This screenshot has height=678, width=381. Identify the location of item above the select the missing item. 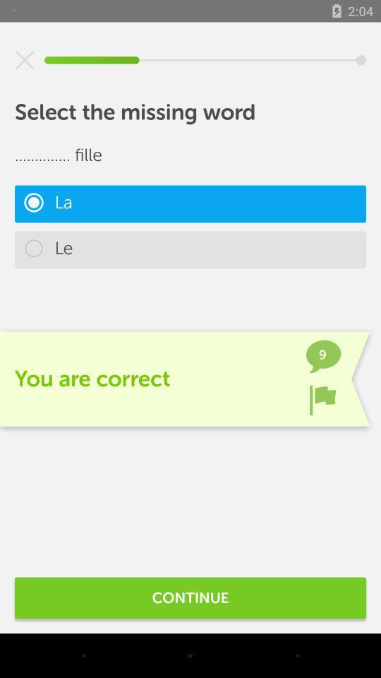
(25, 60).